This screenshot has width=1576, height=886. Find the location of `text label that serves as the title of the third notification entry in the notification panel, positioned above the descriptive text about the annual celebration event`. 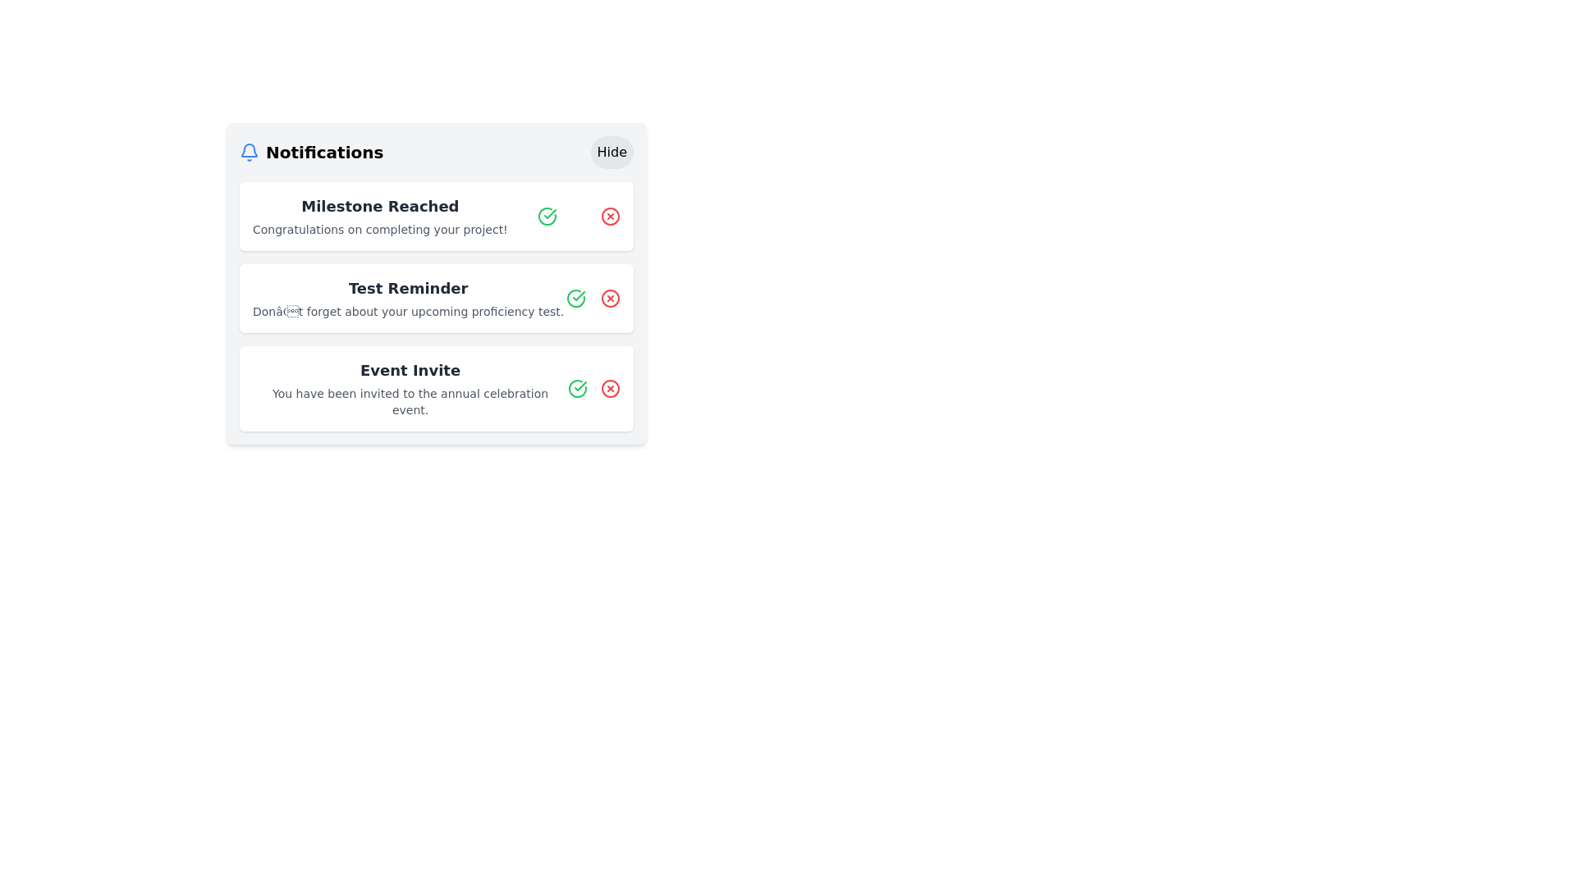

text label that serves as the title of the third notification entry in the notification panel, positioned above the descriptive text about the annual celebration event is located at coordinates (410, 370).